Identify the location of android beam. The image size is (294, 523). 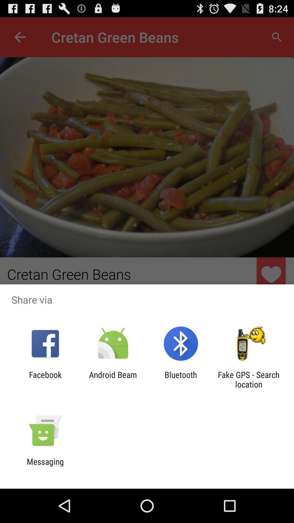
(113, 379).